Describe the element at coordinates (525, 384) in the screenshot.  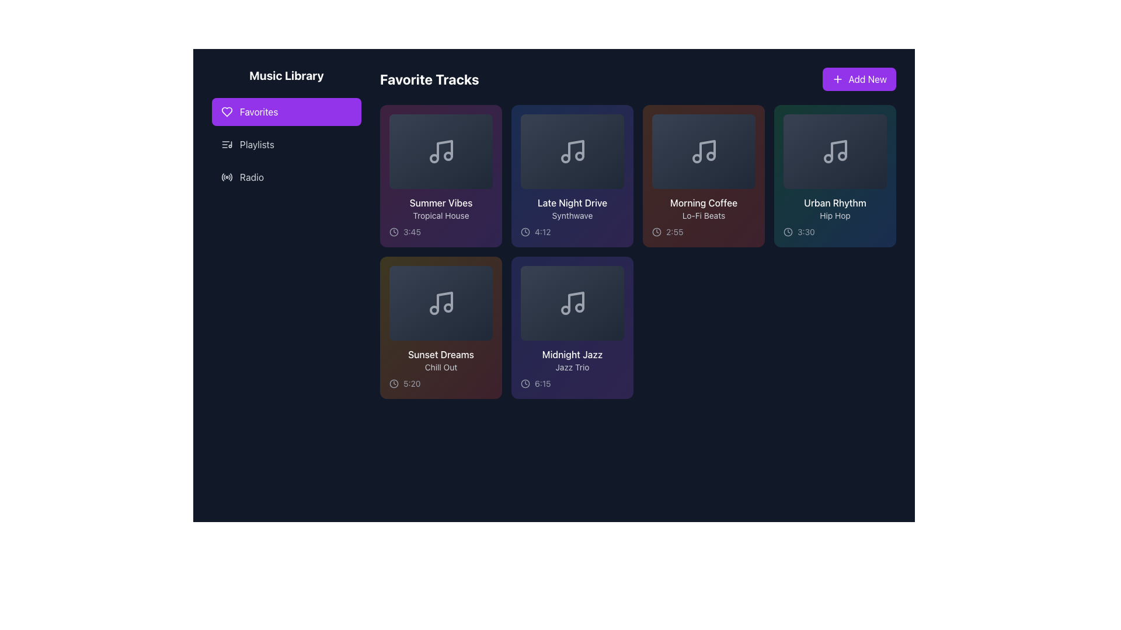
I see `Circle graphic element that visually represents part of the clock icon within the 'Midnight Jazz' track card by using developer tools` at that location.